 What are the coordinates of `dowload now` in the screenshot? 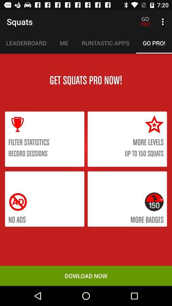 It's located at (86, 275).